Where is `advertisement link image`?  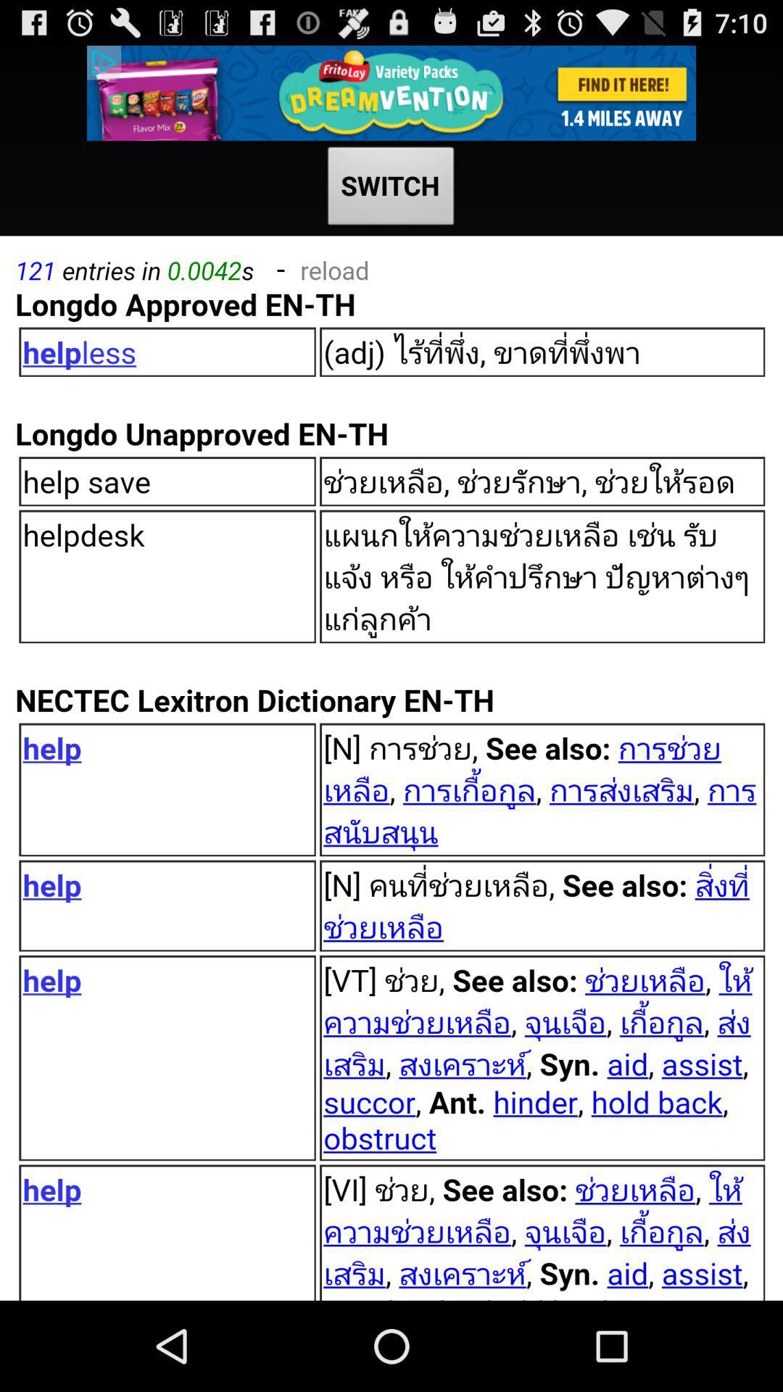 advertisement link image is located at coordinates (391, 92).